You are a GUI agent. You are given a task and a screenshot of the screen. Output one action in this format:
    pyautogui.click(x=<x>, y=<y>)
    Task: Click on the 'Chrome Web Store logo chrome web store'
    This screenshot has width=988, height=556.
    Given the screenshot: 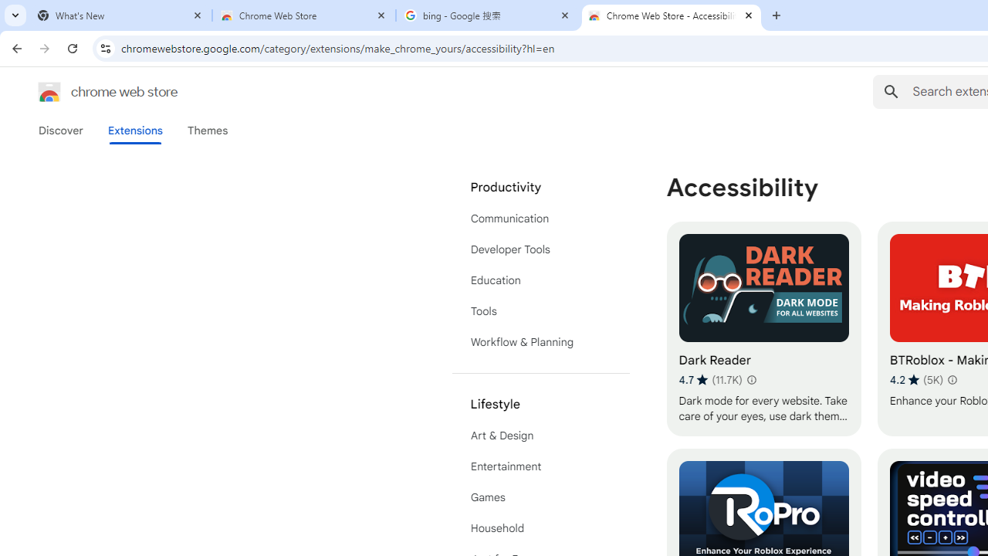 What is the action you would take?
    pyautogui.click(x=91, y=92)
    